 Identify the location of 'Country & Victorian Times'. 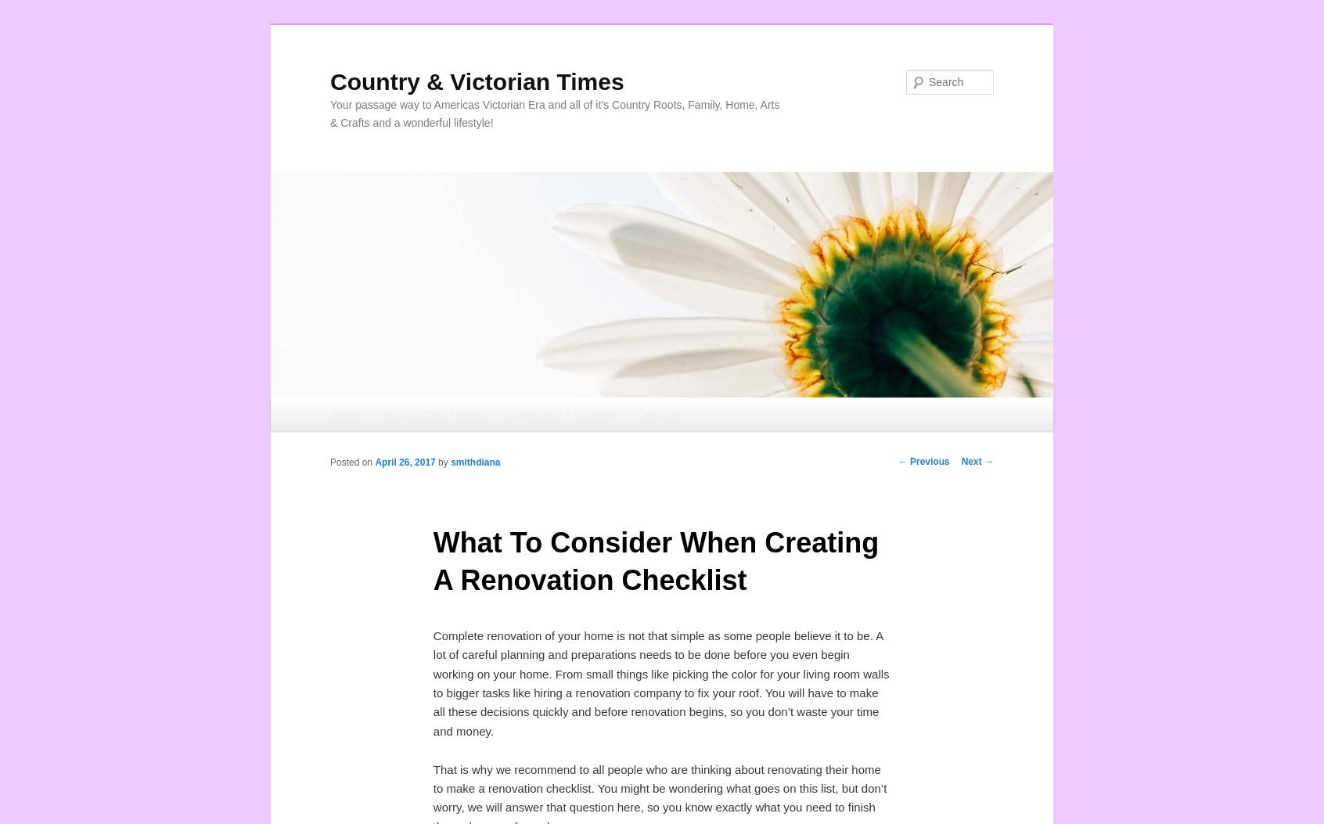
(476, 81).